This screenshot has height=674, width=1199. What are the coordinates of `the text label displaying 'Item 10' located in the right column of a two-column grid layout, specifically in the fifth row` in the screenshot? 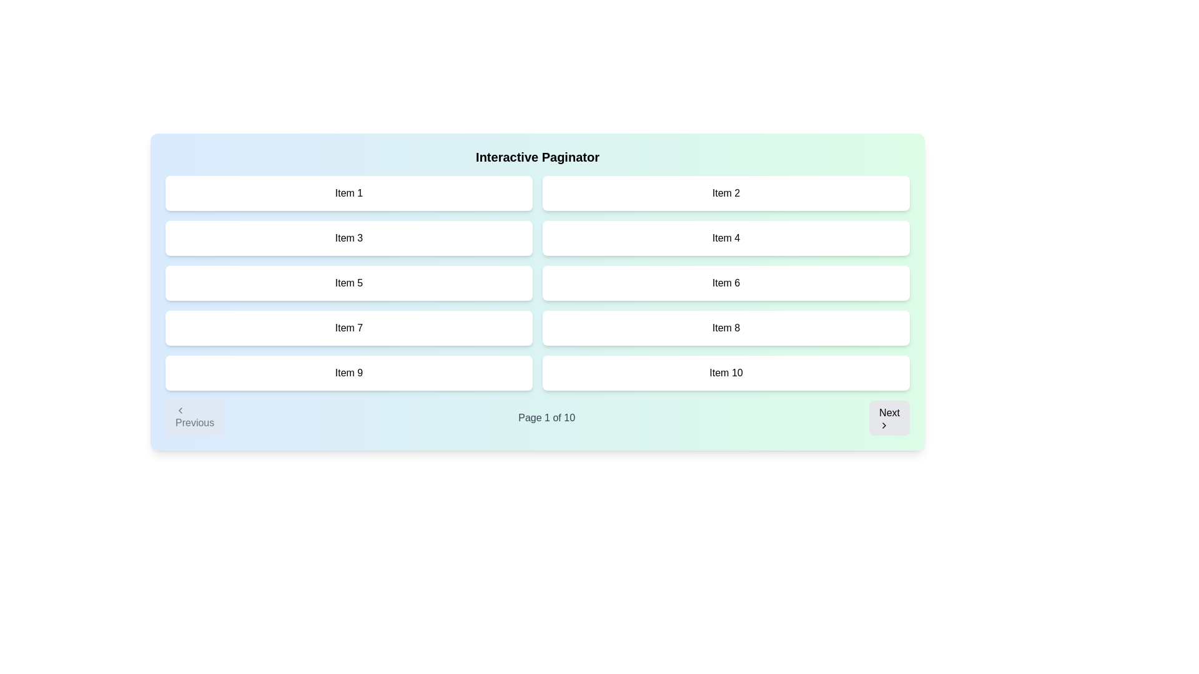 It's located at (726, 372).